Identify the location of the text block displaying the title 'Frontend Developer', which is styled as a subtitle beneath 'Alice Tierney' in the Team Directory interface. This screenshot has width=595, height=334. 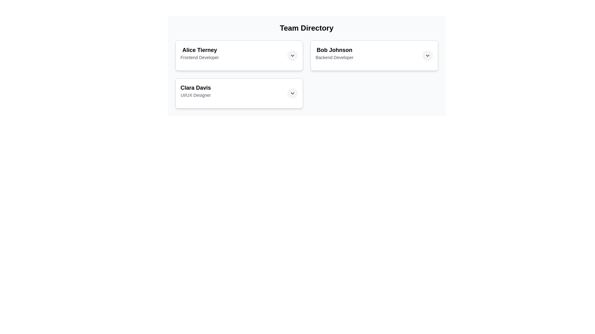
(200, 57).